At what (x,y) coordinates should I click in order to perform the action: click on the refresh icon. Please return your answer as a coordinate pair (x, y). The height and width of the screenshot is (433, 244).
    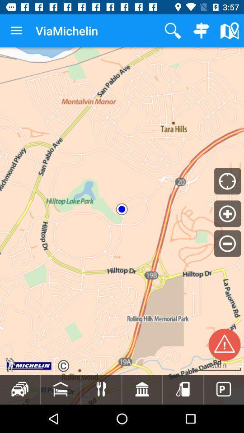
    Looking at the image, I should click on (63, 366).